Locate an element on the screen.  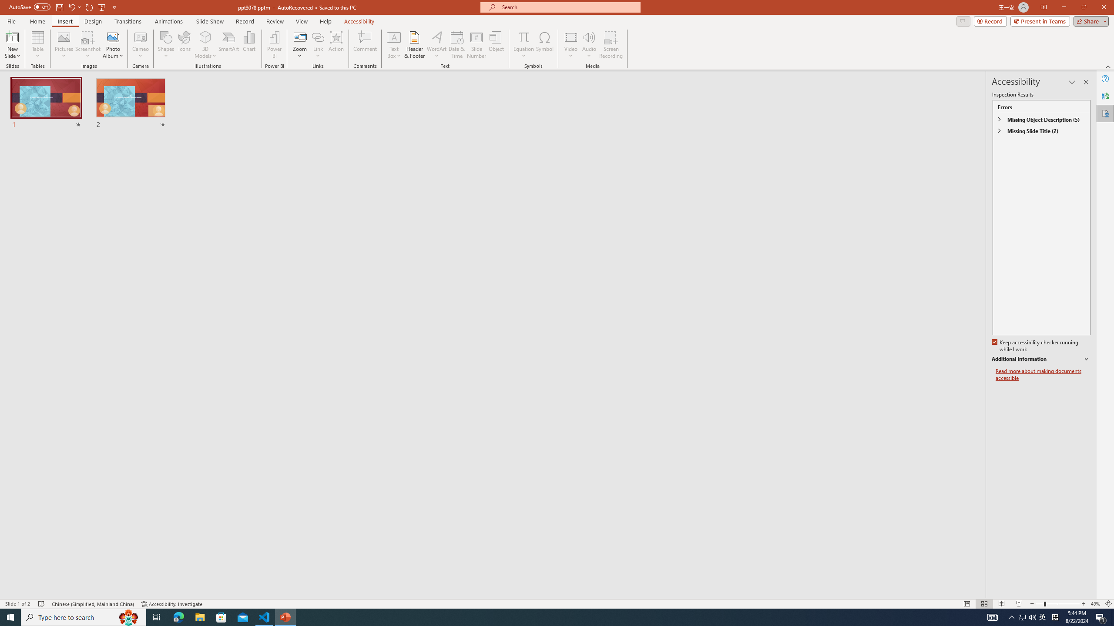
'Icons' is located at coordinates (184, 45).